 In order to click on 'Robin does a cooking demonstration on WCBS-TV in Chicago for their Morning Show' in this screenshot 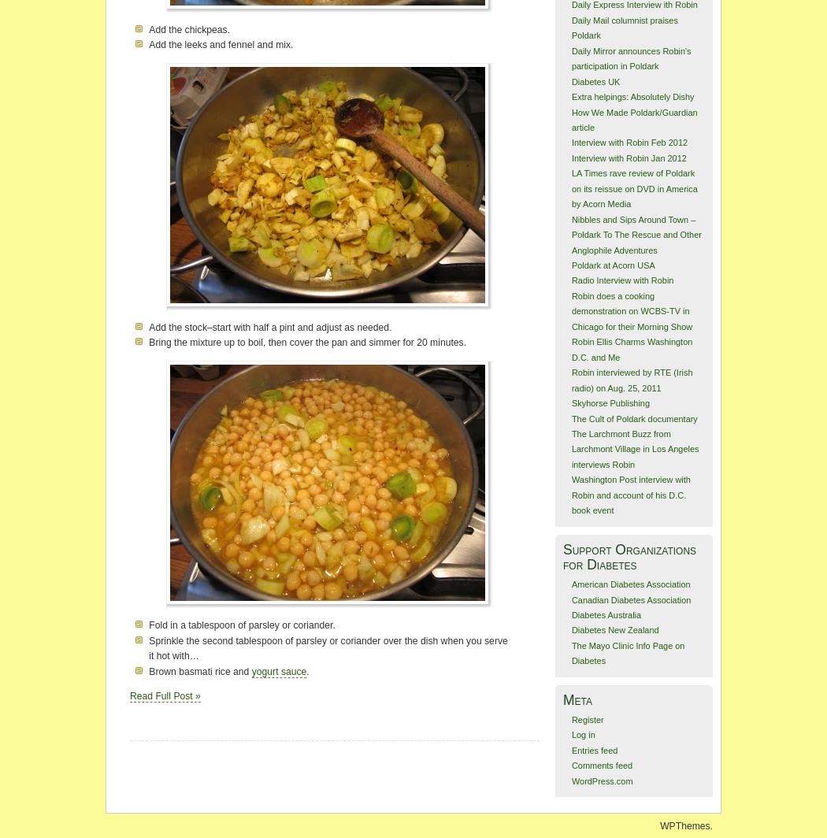, I will do `click(630, 310)`.